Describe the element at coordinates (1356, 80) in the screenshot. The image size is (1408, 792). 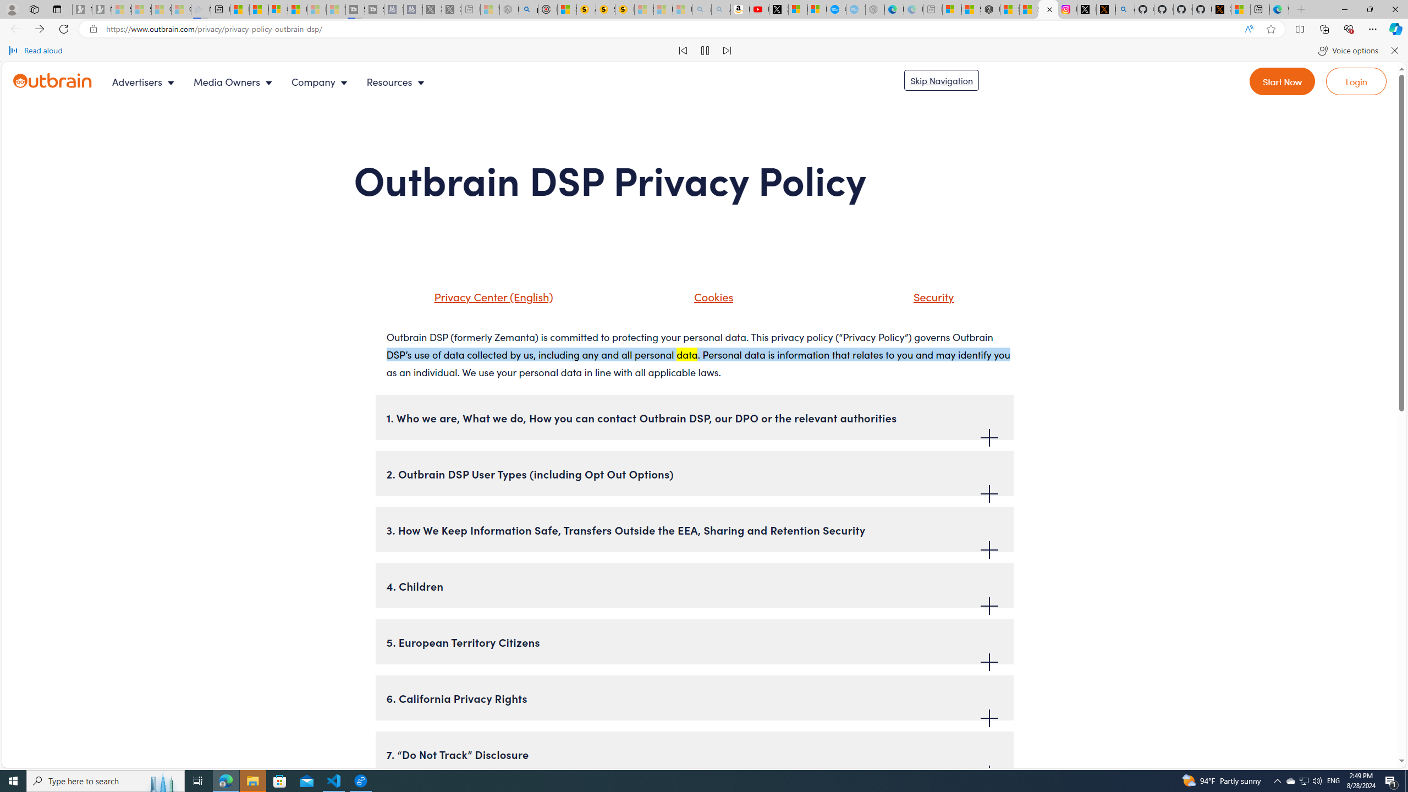
I see `'Go to login'` at that location.